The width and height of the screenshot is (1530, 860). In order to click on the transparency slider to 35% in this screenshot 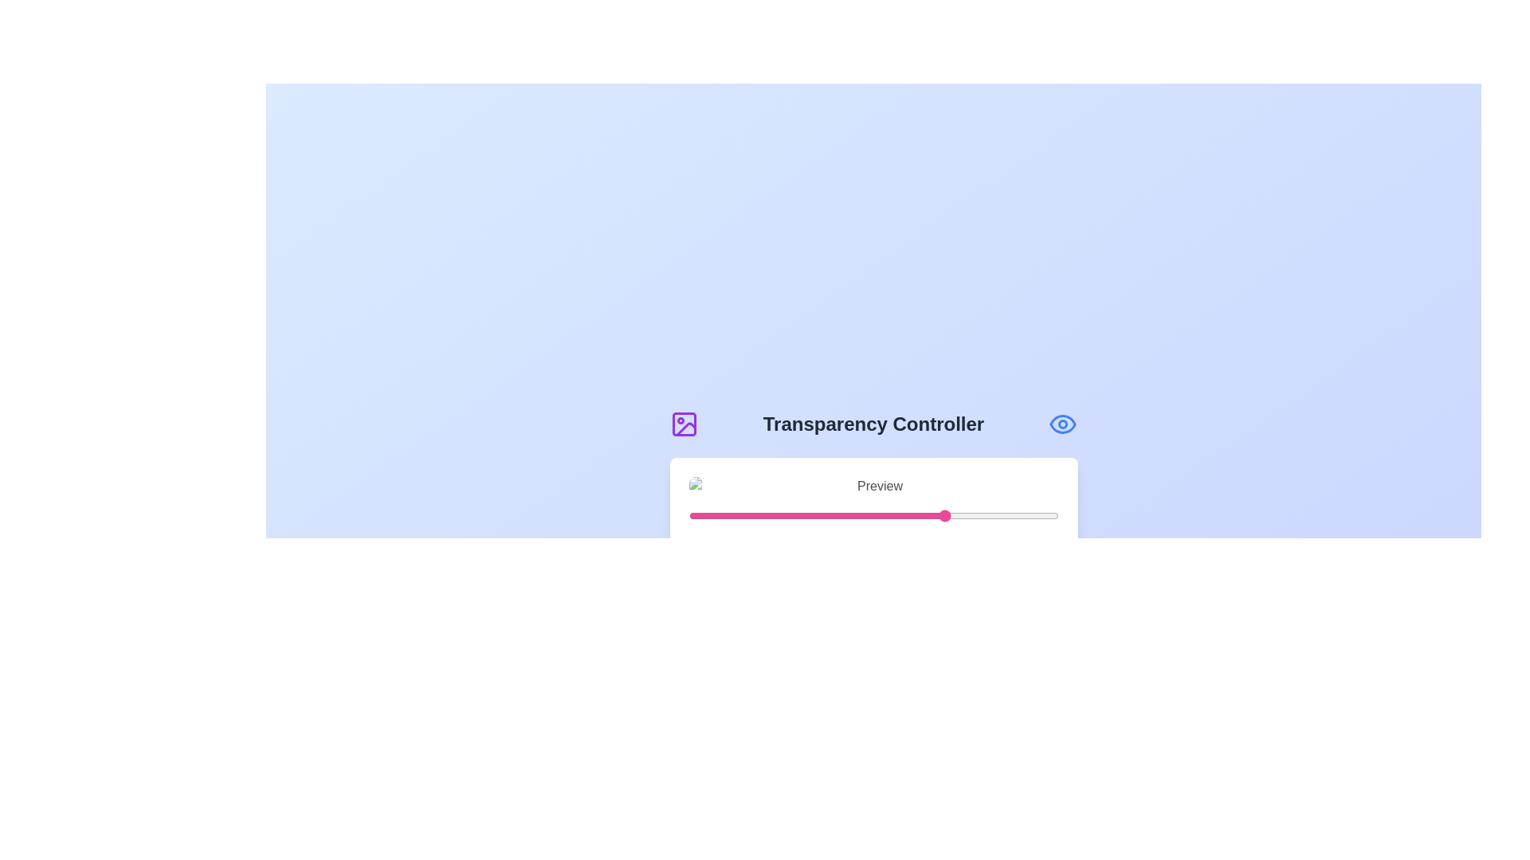, I will do `click(818, 516)`.